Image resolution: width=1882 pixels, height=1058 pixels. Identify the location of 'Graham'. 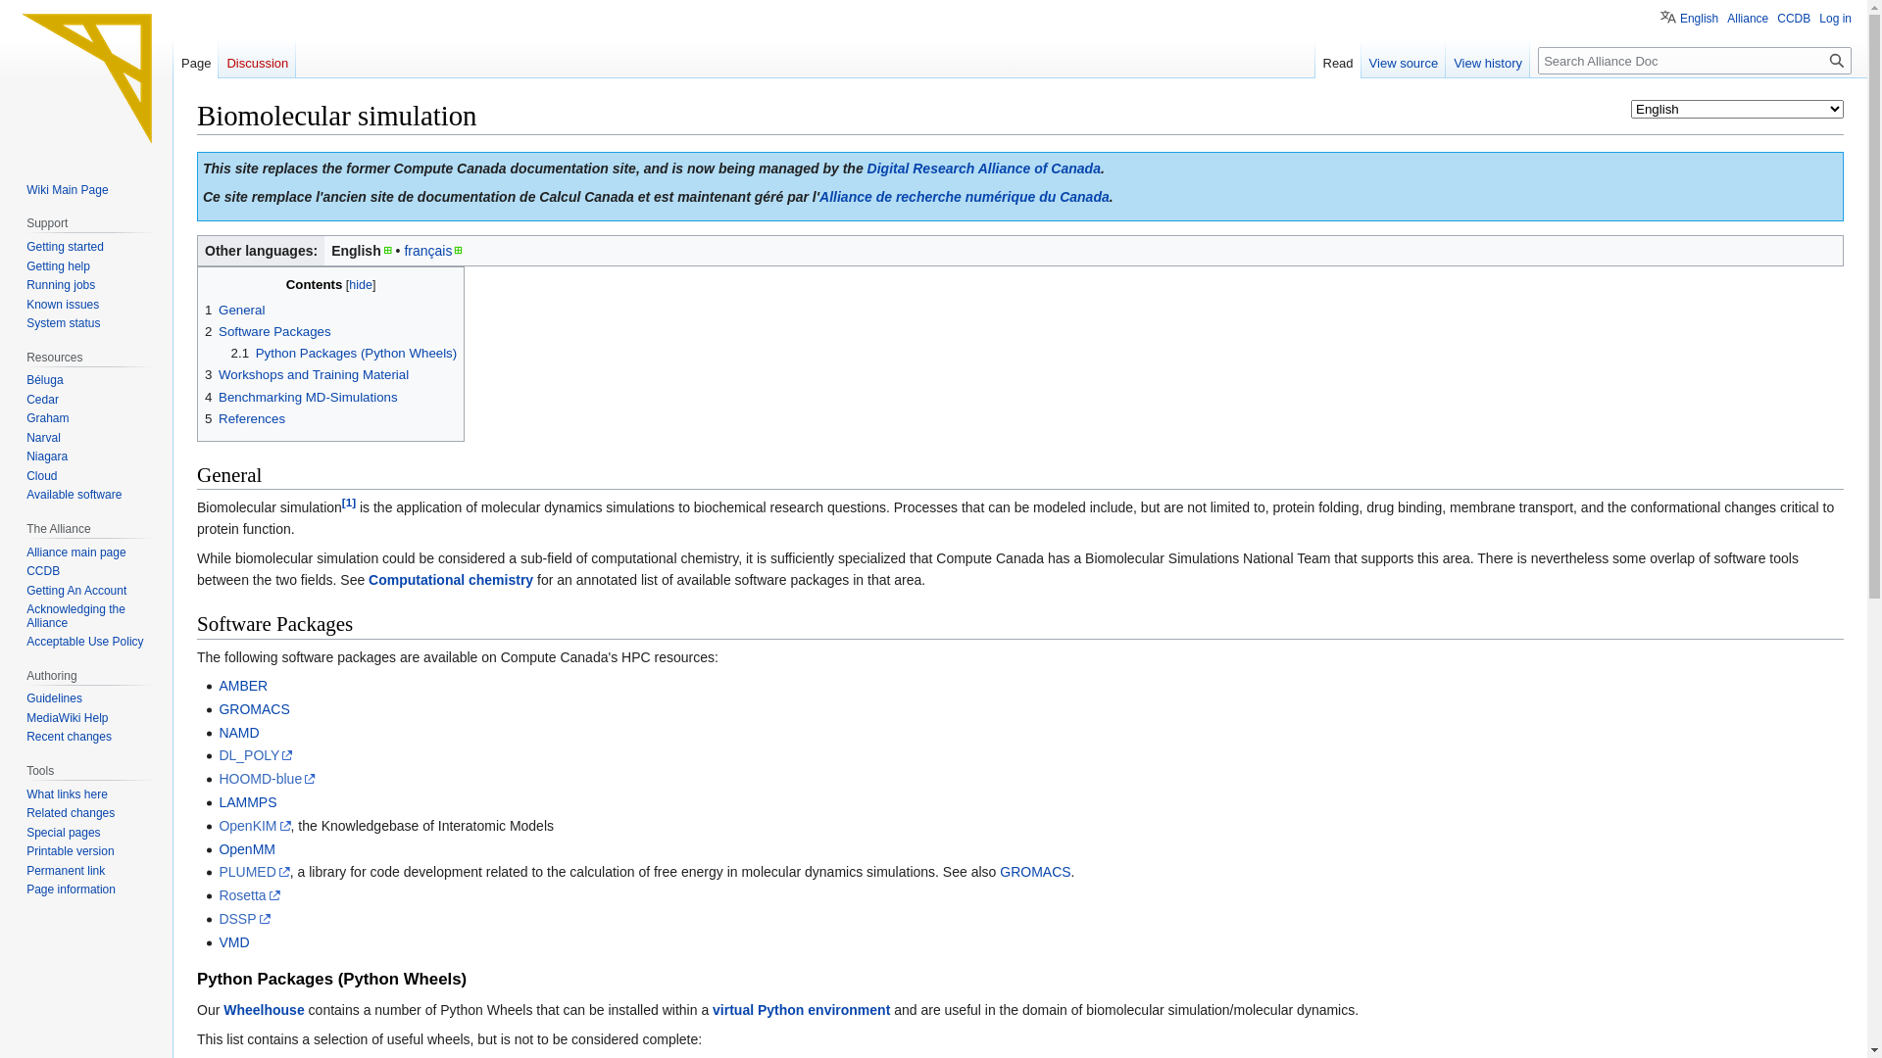
(47, 417).